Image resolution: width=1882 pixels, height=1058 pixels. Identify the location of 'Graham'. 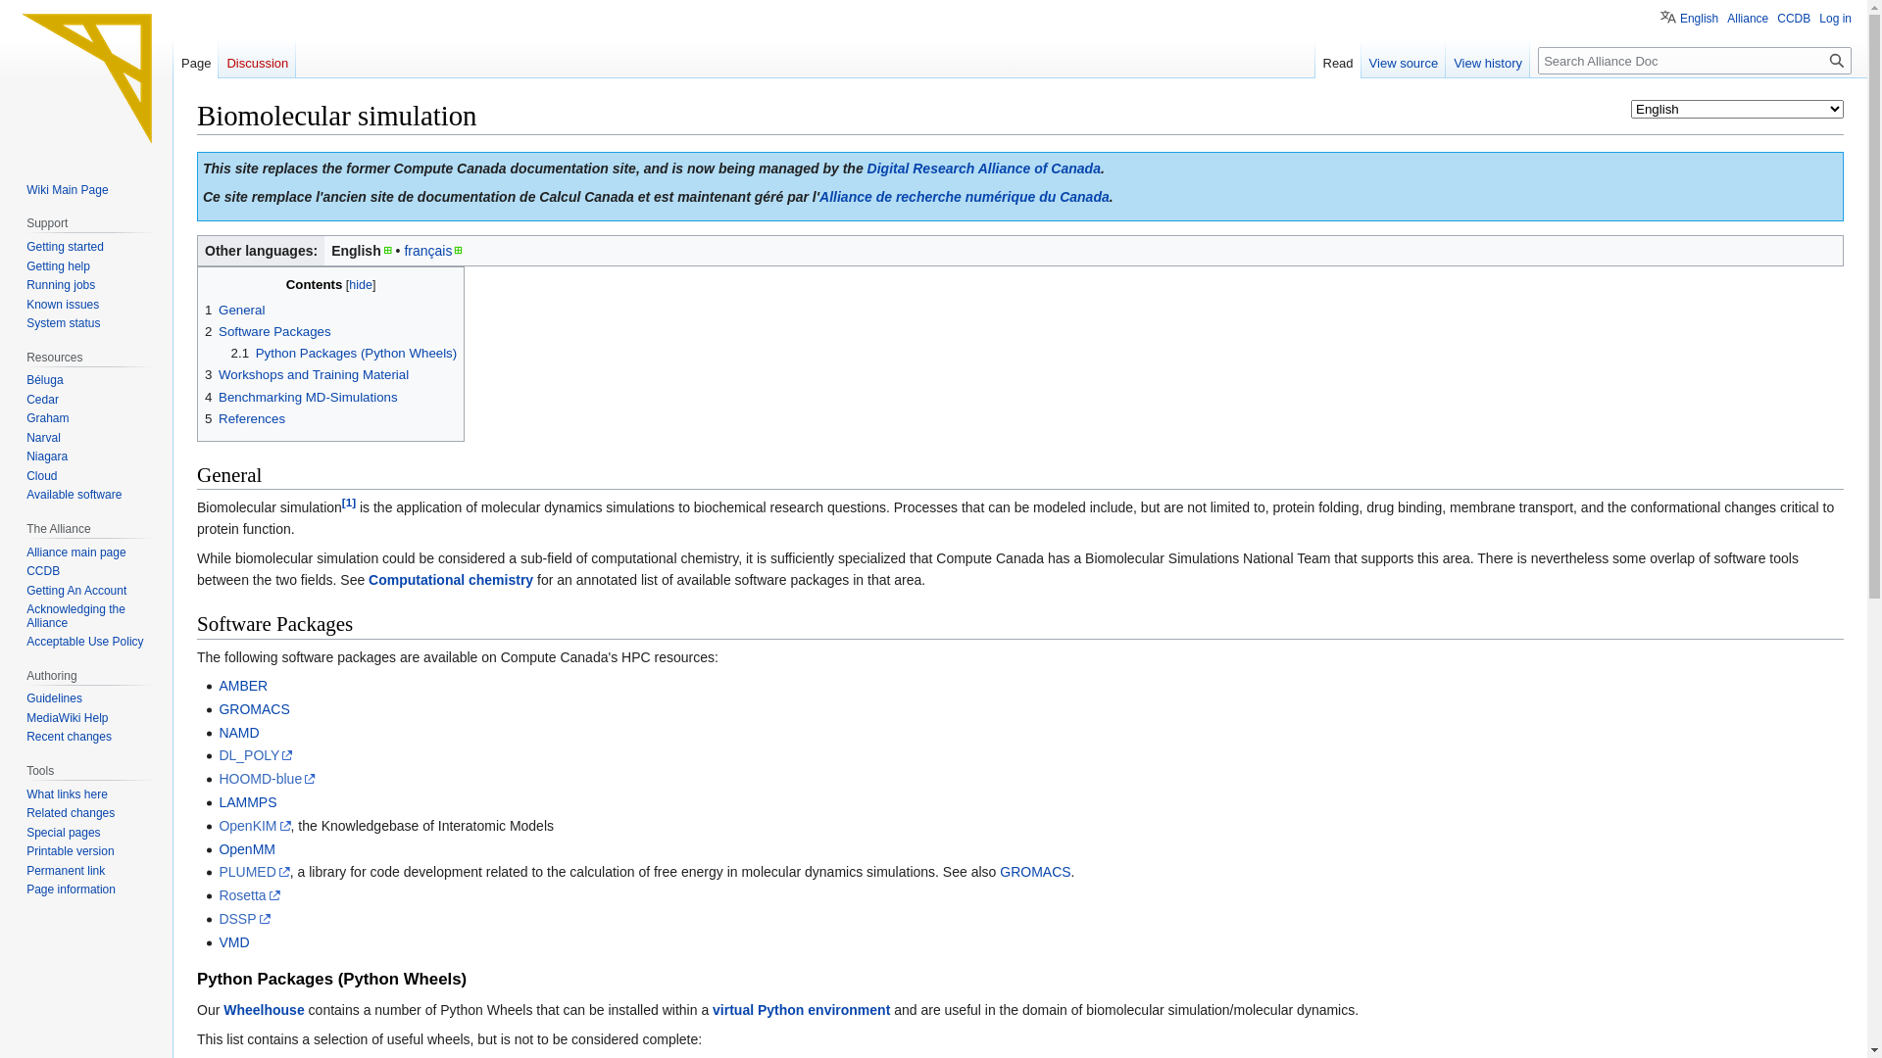
(47, 417).